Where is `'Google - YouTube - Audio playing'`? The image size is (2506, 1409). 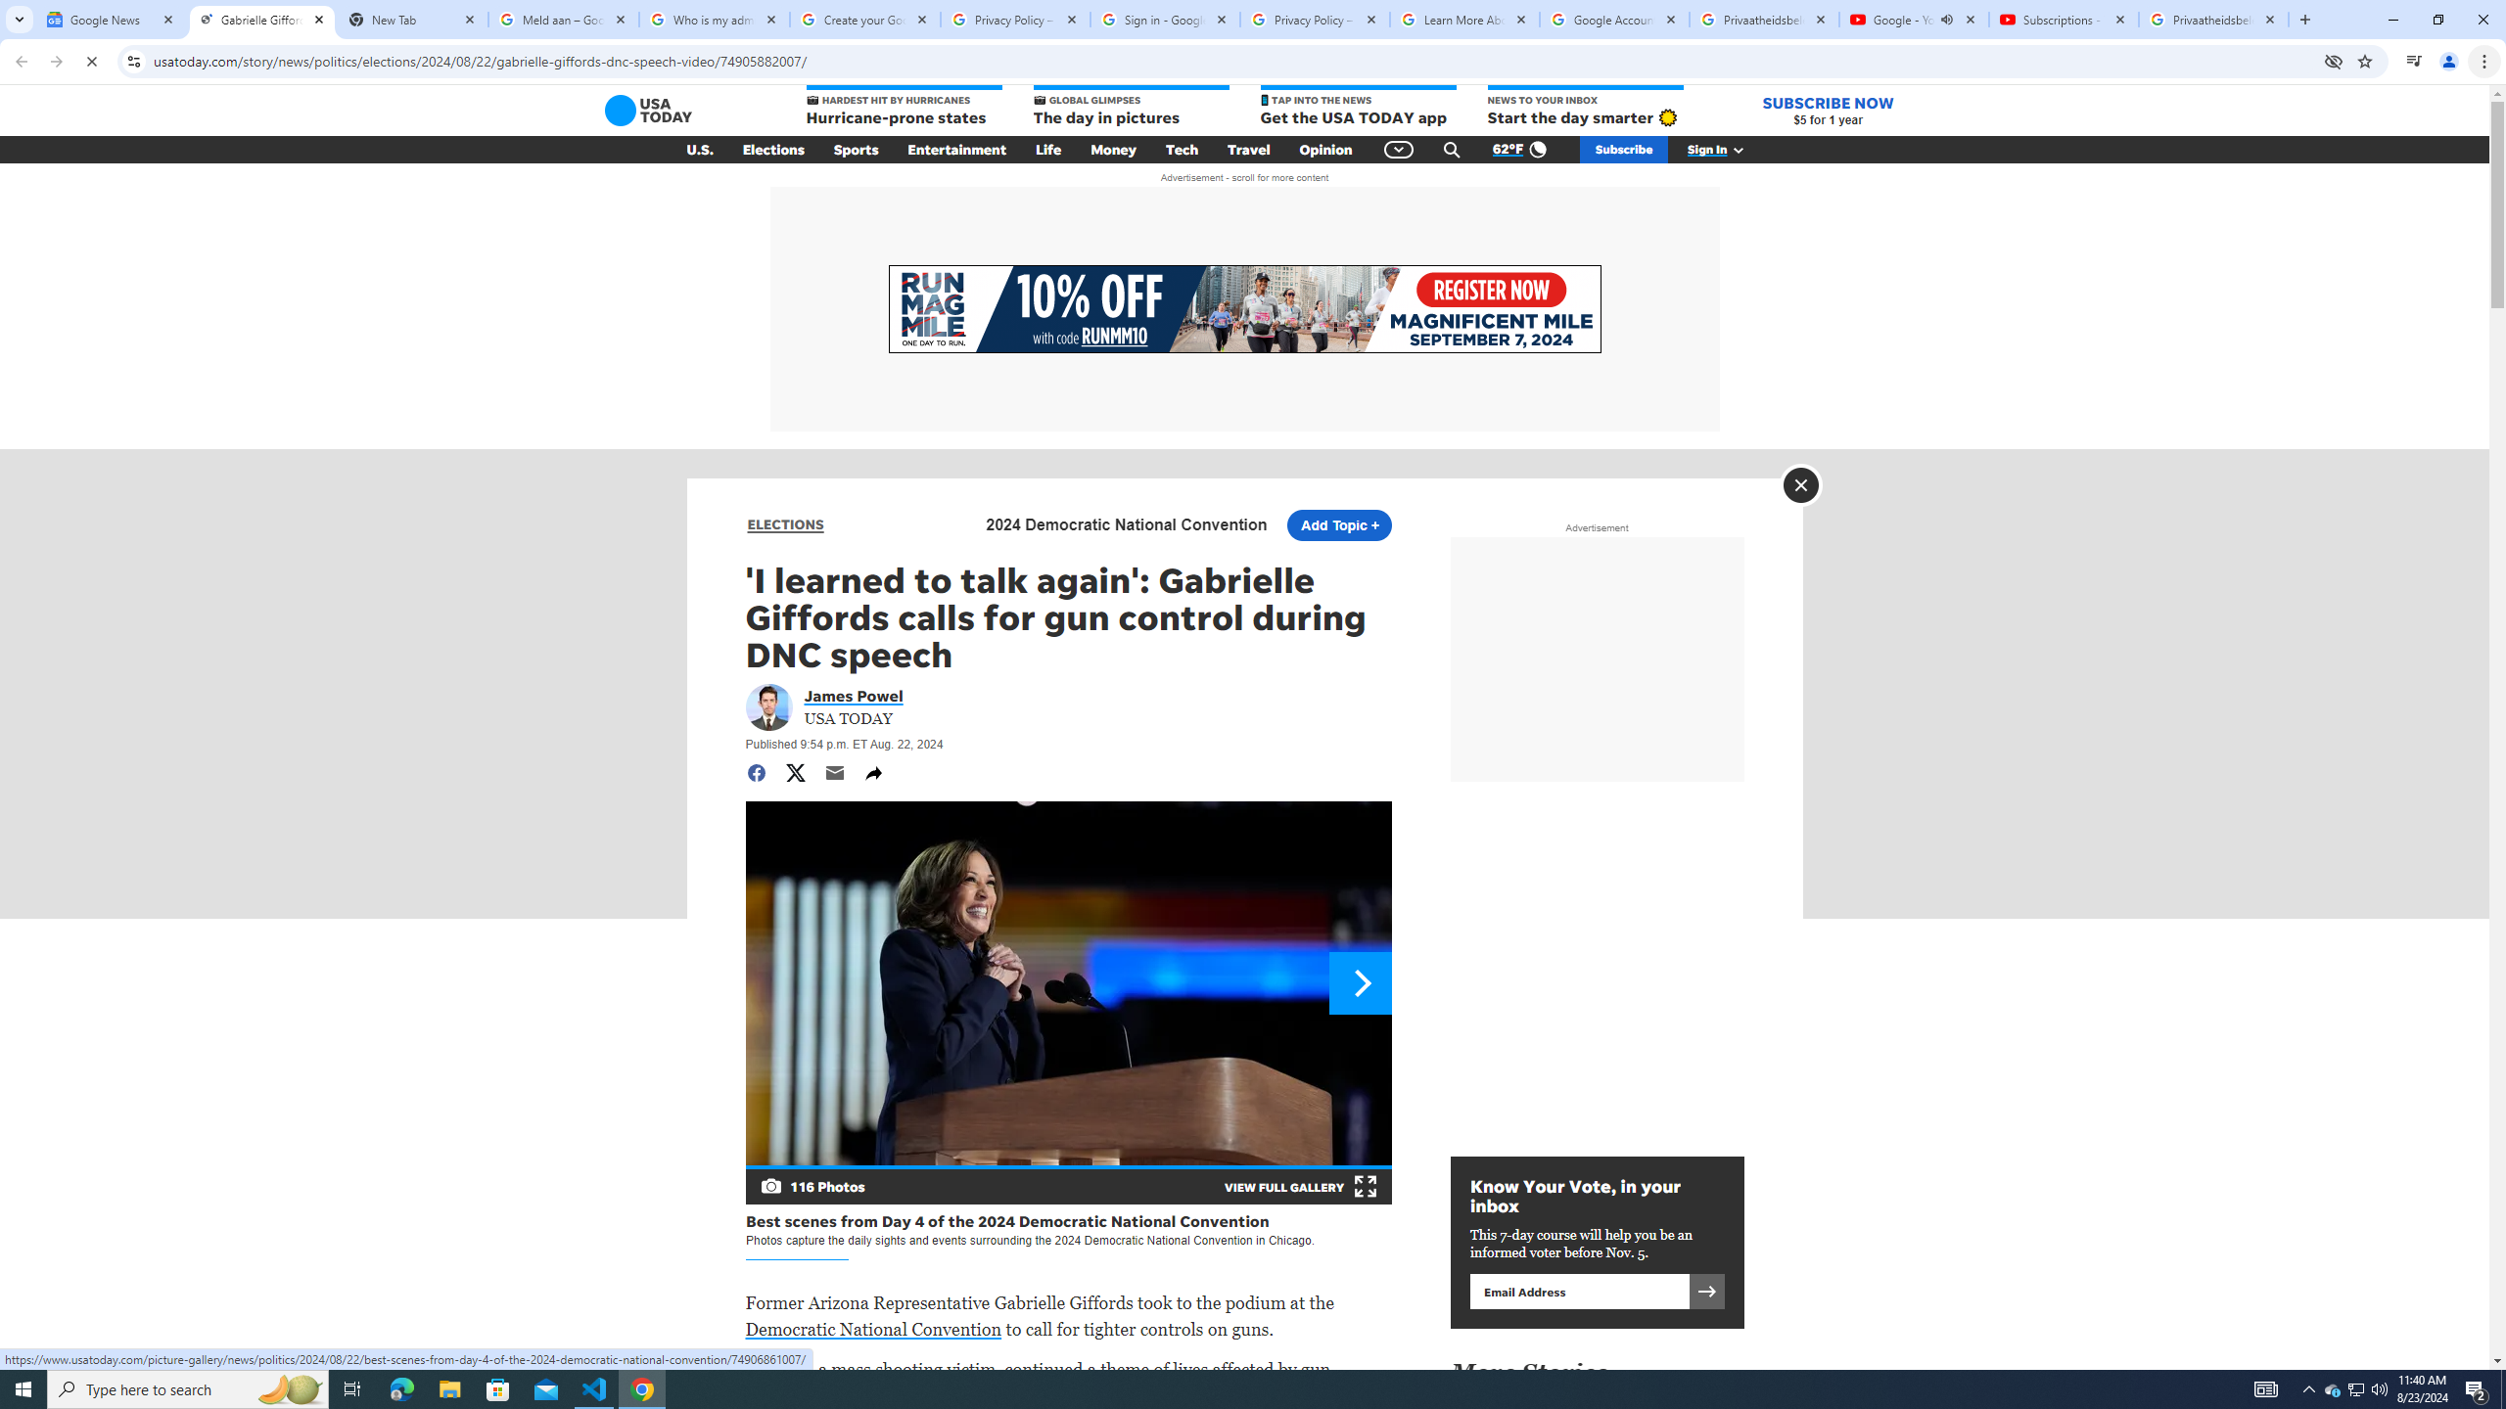 'Google - YouTube - Audio playing' is located at coordinates (1912, 19).